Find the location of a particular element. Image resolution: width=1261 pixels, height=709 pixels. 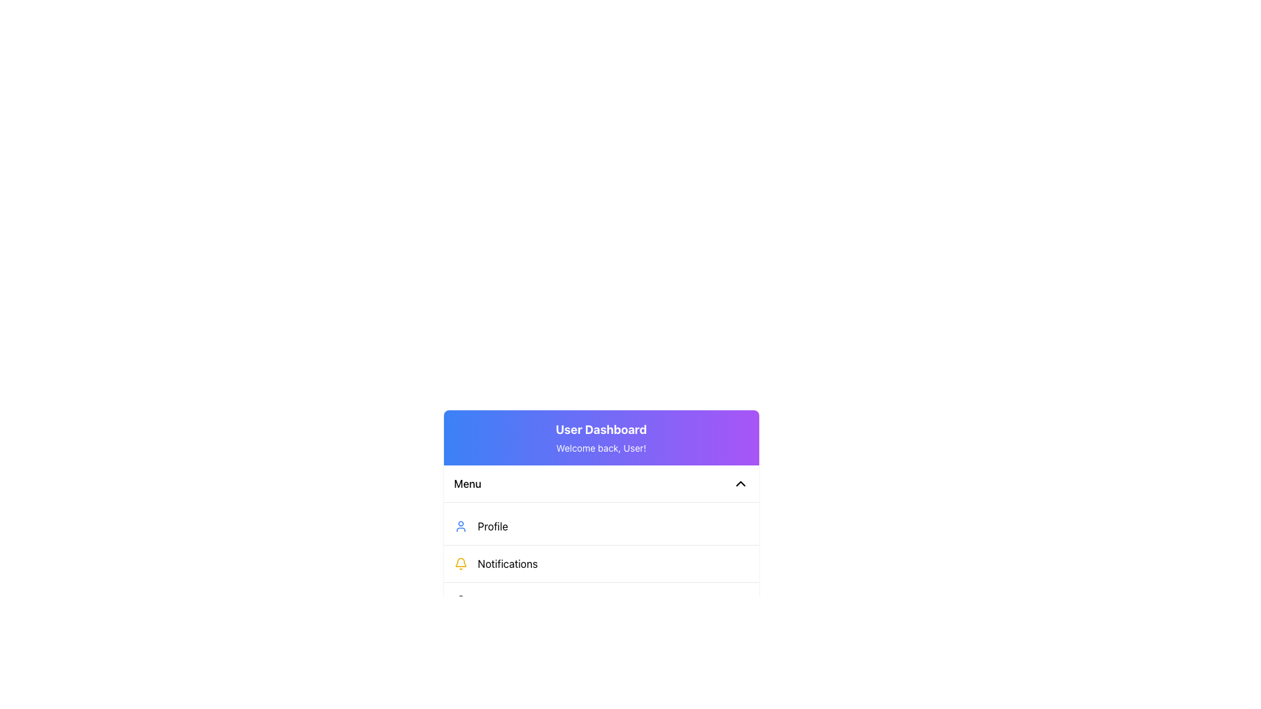

the bold, prominent text that reads 'User Dashboard' is located at coordinates (600, 430).